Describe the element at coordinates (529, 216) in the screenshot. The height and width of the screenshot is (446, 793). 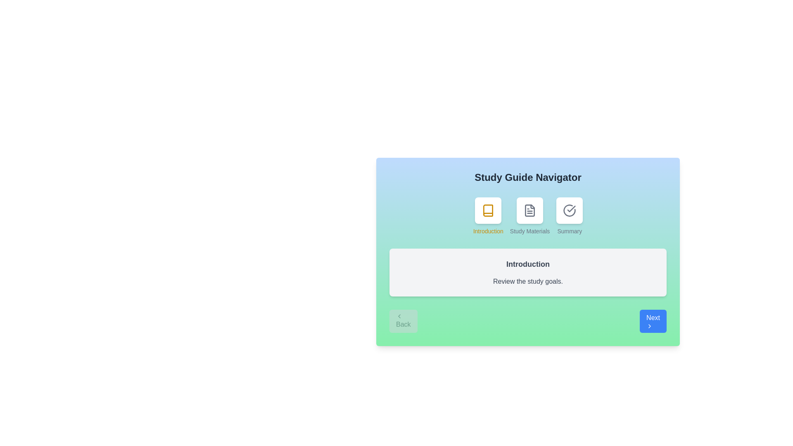
I see `the step icon corresponding to Study Materials to view its content` at that location.